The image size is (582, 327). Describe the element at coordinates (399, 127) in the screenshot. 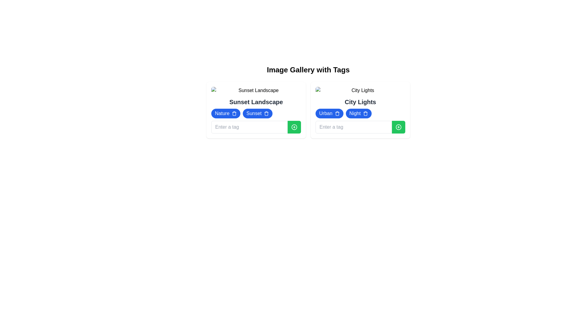

I see `the circular icon located on the right side of the 'City Lights' section, which is part of an interactive button for adding a tag` at that location.